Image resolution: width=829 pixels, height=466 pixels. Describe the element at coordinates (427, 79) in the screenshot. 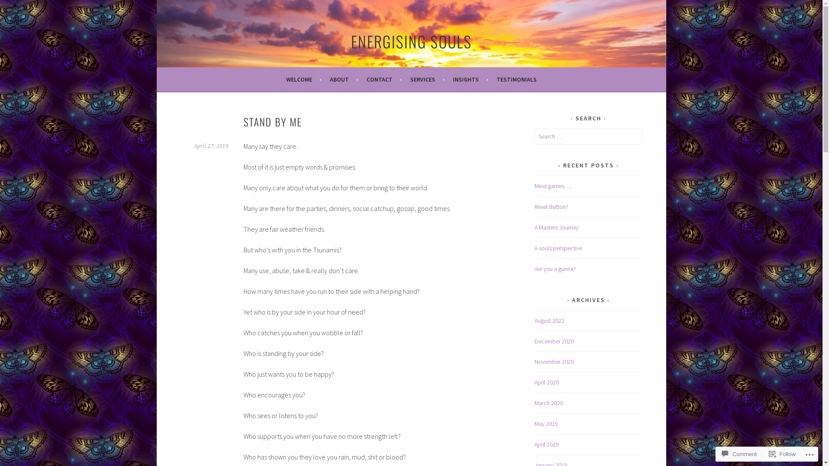

I see `'SERVICES'` at that location.